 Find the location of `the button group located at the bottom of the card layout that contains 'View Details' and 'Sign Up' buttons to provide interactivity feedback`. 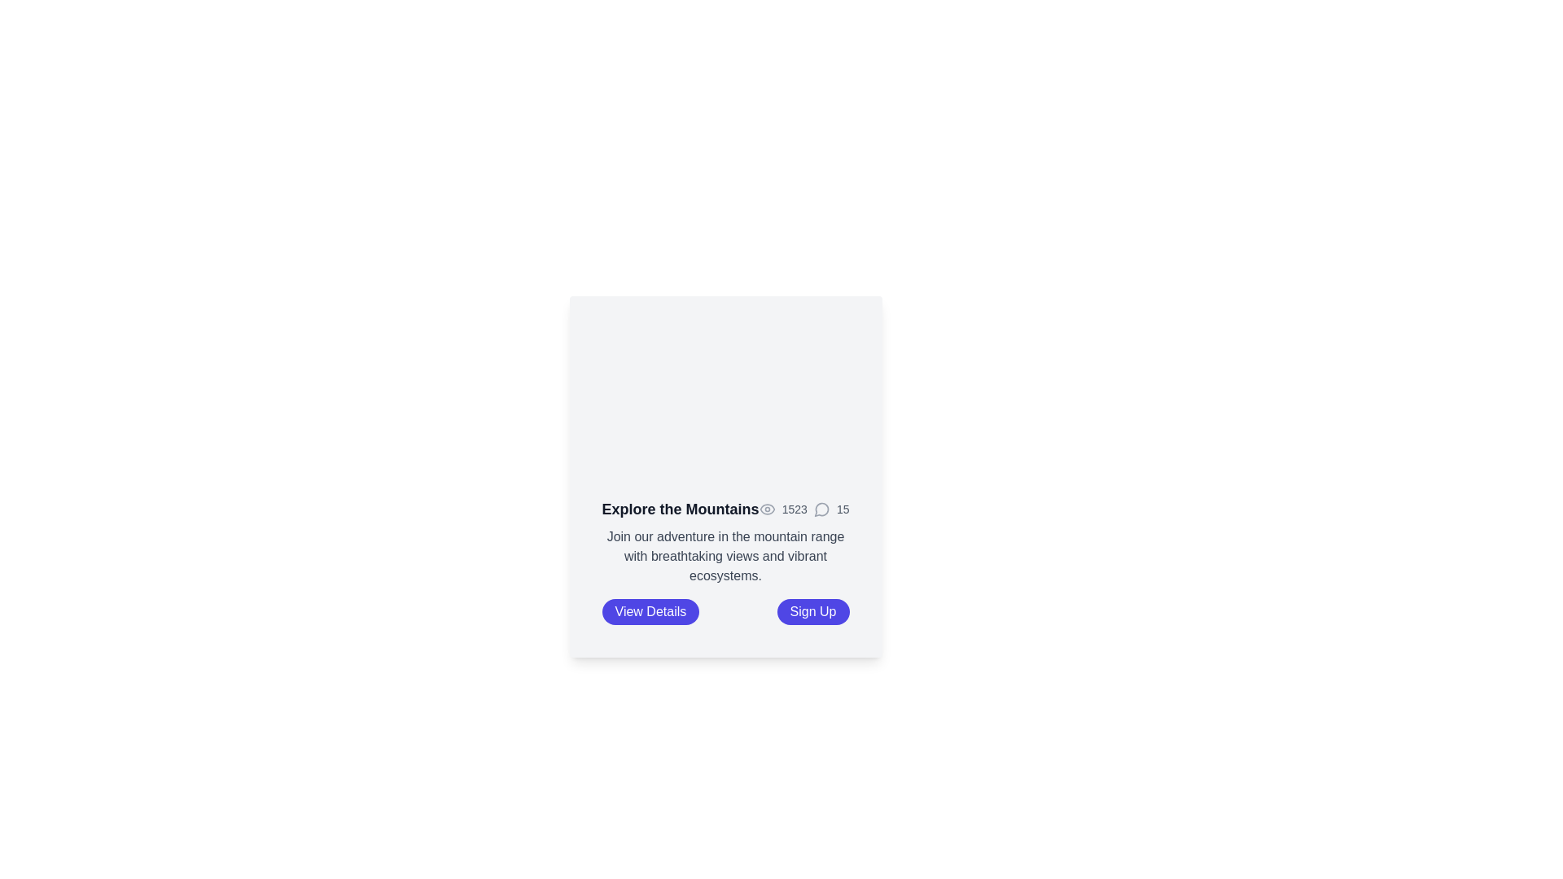

the button group located at the bottom of the card layout that contains 'View Details' and 'Sign Up' buttons to provide interactivity feedback is located at coordinates (725, 612).